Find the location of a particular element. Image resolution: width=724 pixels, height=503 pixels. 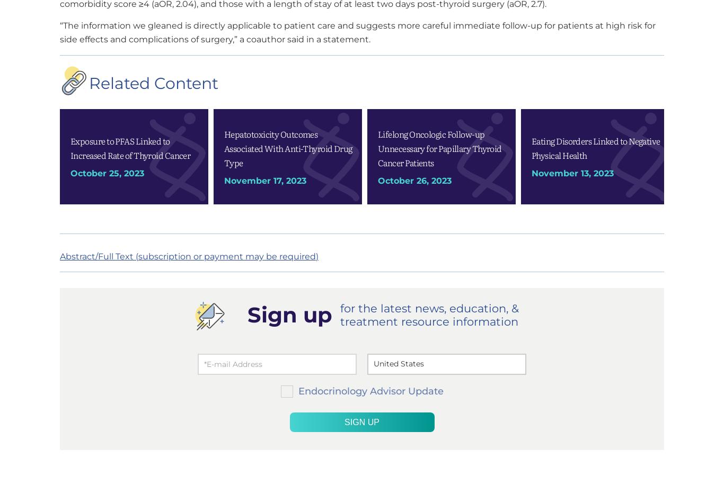

'Abstract/Full Text (subscription or payment may be required)' is located at coordinates (188, 256).